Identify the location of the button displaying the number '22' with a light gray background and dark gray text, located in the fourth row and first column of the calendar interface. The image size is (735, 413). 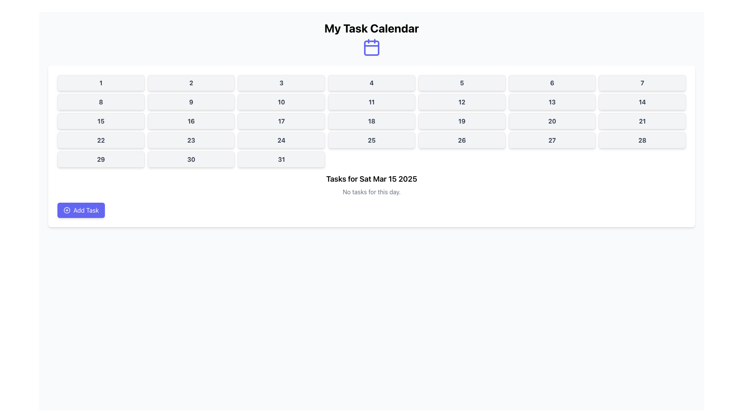
(100, 140).